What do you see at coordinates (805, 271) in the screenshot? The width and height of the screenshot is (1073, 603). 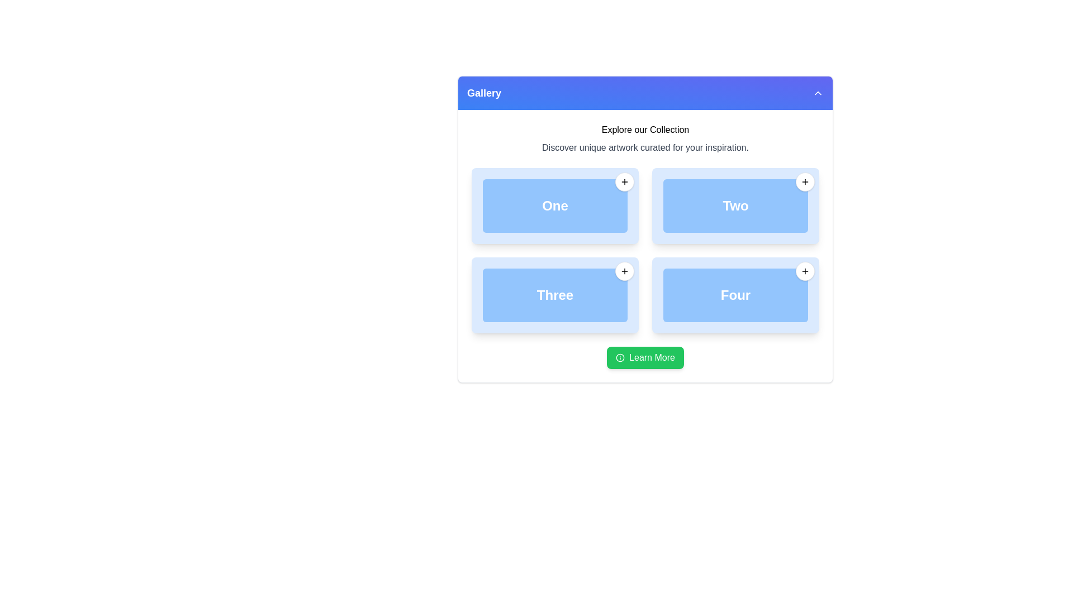 I see `the add or expand action icon located in the top-right corner of the box labeled 'Four' in the 2x2 grid layout` at bounding box center [805, 271].